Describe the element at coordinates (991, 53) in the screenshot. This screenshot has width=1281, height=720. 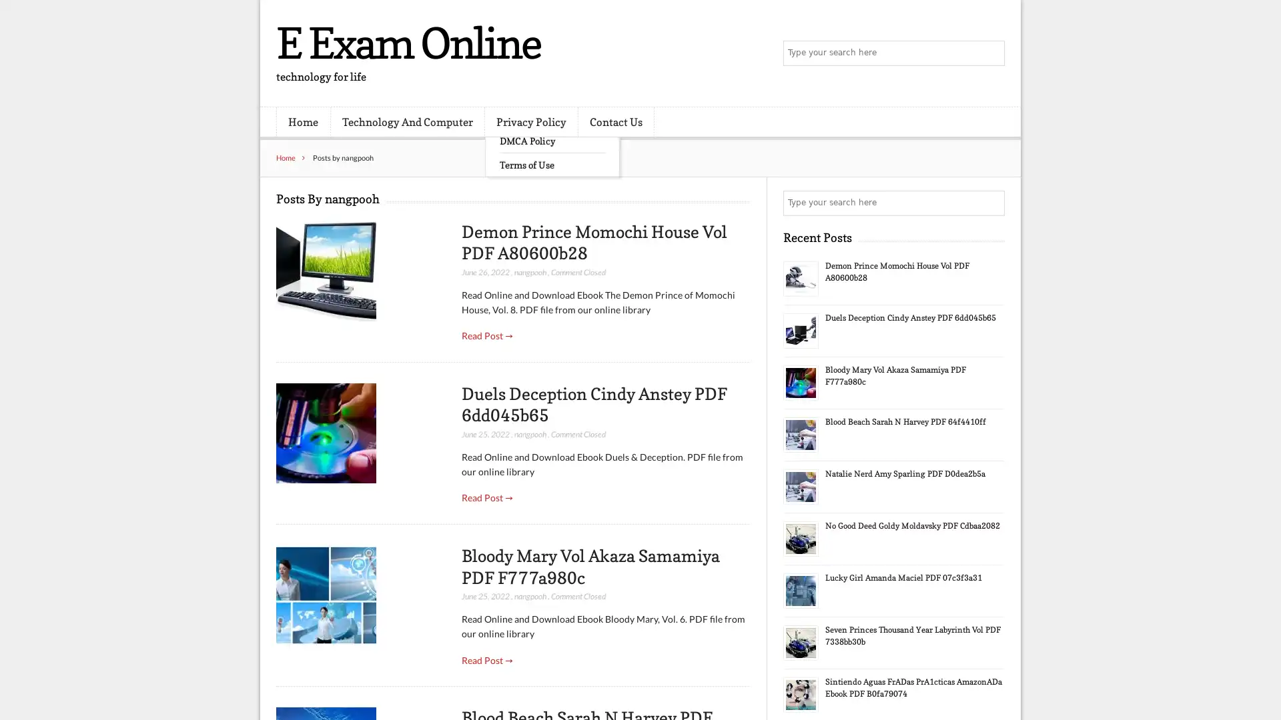
I see `Search` at that location.